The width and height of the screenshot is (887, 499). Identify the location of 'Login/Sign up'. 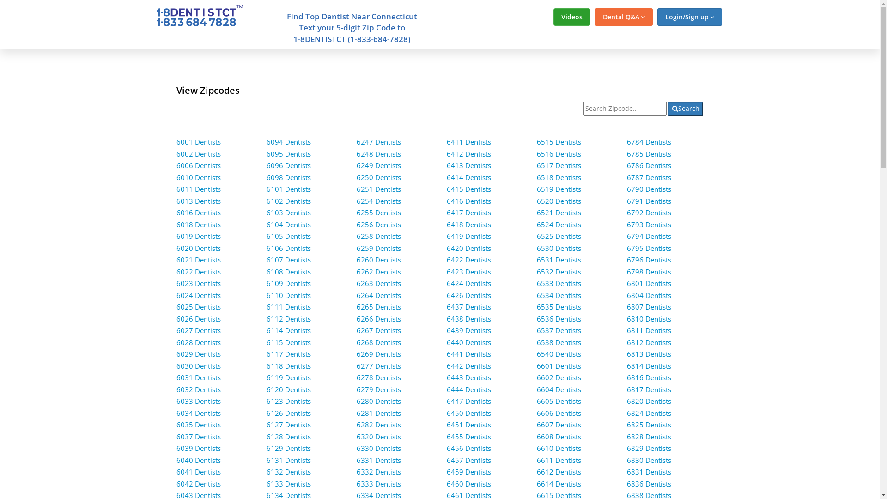
(656, 17).